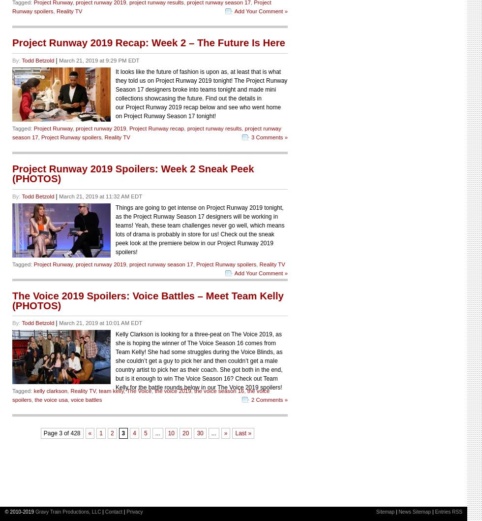 The image size is (482, 521). I want to click on 'the voice spoilers', so click(141, 395).